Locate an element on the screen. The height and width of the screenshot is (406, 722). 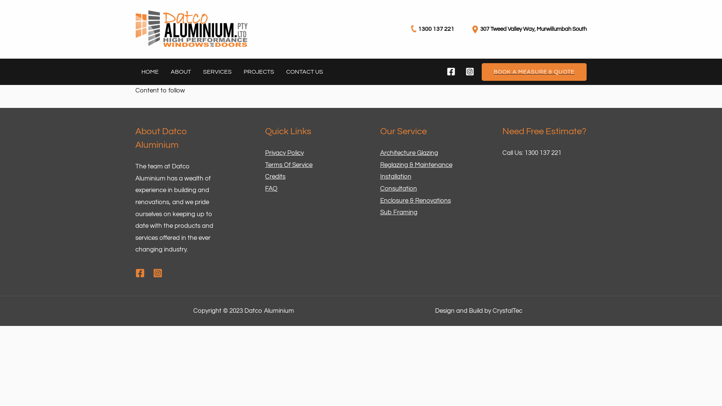
'SERVICES' is located at coordinates (217, 72).